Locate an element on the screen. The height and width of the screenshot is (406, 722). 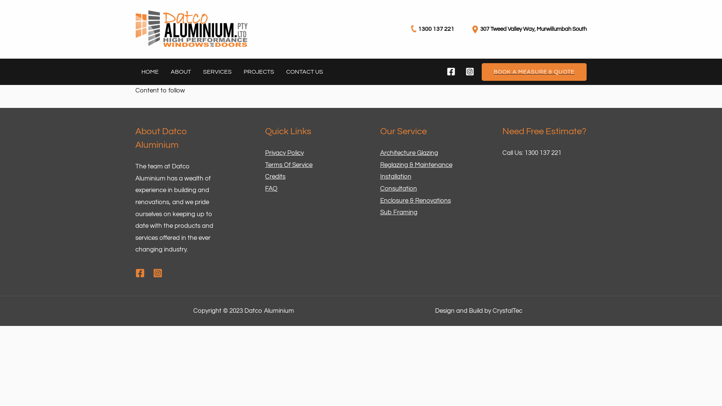
'SERVICES' is located at coordinates (217, 72).